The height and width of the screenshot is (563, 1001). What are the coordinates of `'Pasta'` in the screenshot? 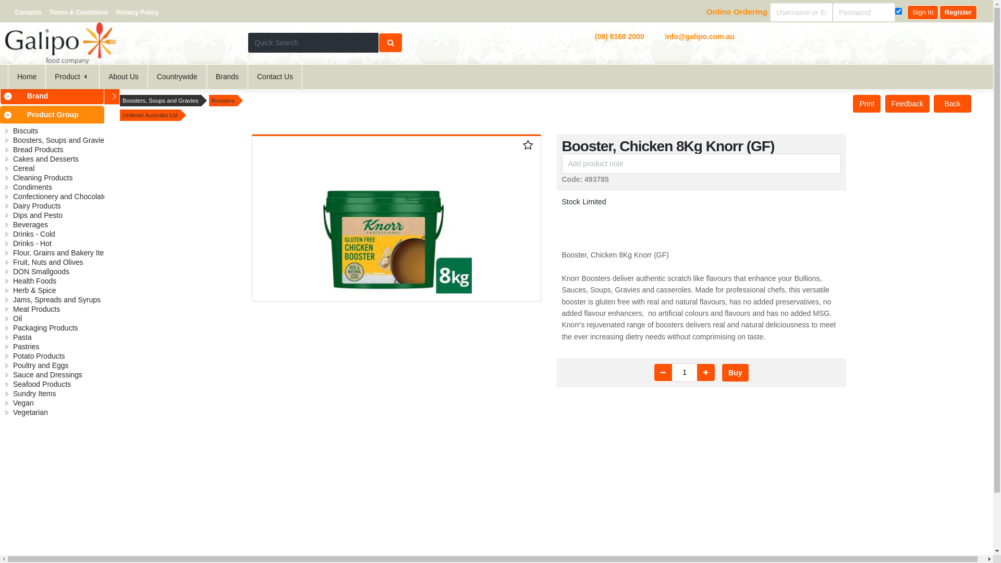 It's located at (22, 337).